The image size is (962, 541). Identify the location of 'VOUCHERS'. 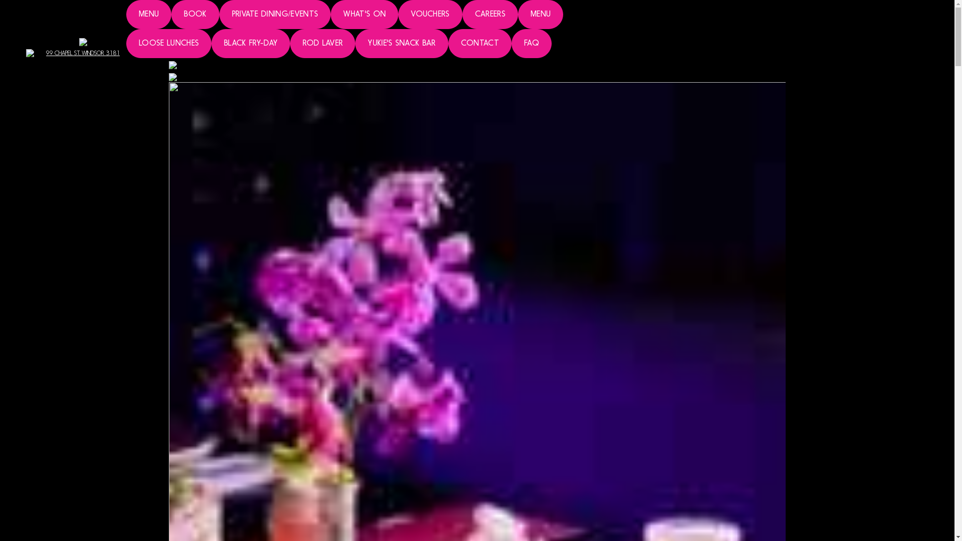
(430, 15).